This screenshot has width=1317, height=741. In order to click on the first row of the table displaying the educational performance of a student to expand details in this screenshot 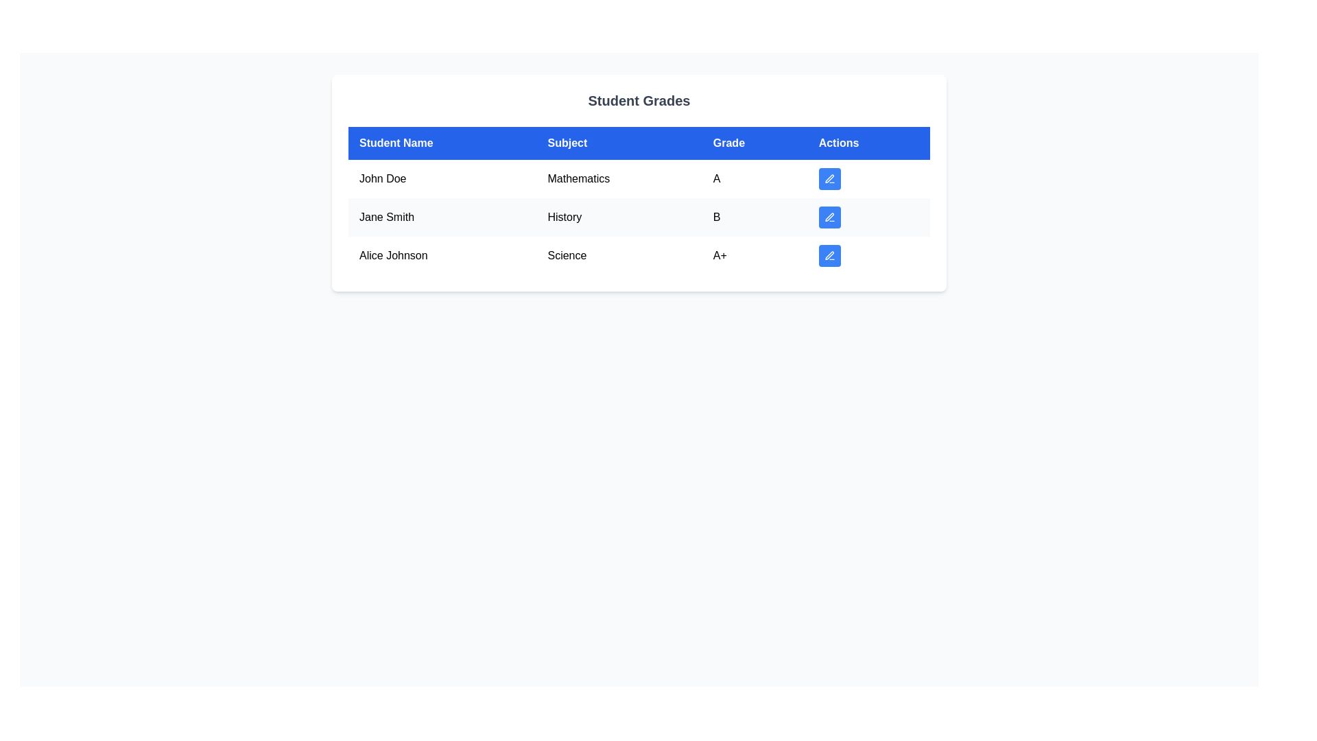, I will do `click(638, 178)`.